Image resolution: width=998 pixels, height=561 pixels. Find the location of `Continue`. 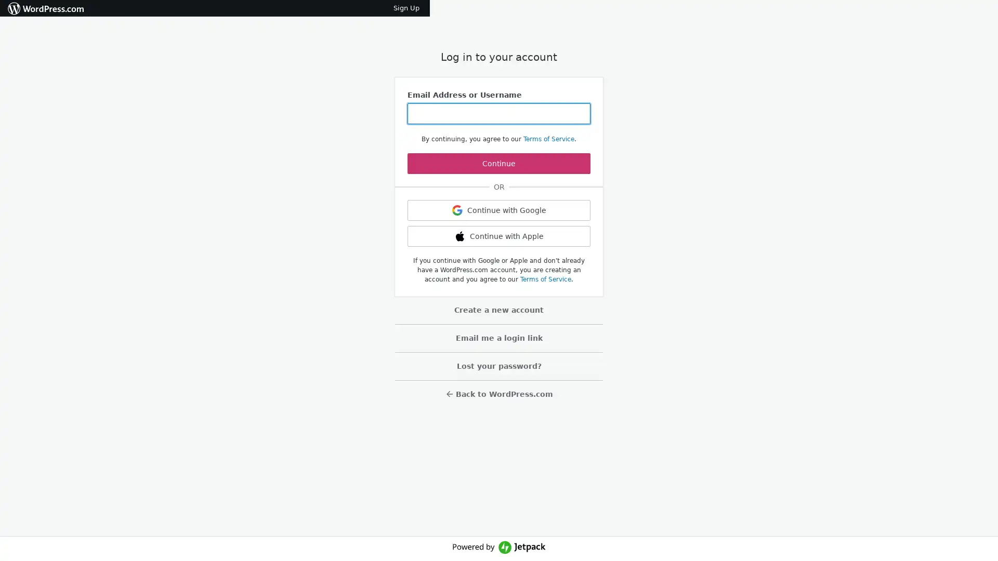

Continue is located at coordinates (499, 164).